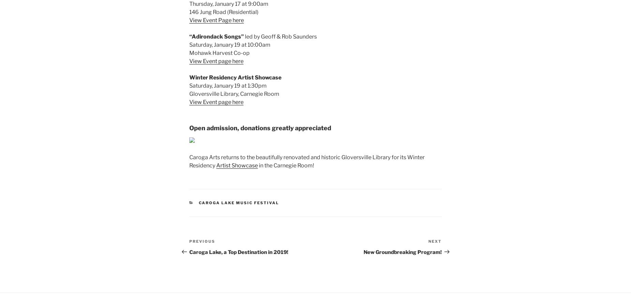 Image resolution: width=631 pixels, height=299 pixels. What do you see at coordinates (199, 157) in the screenshot?
I see `'Caroga'` at bounding box center [199, 157].